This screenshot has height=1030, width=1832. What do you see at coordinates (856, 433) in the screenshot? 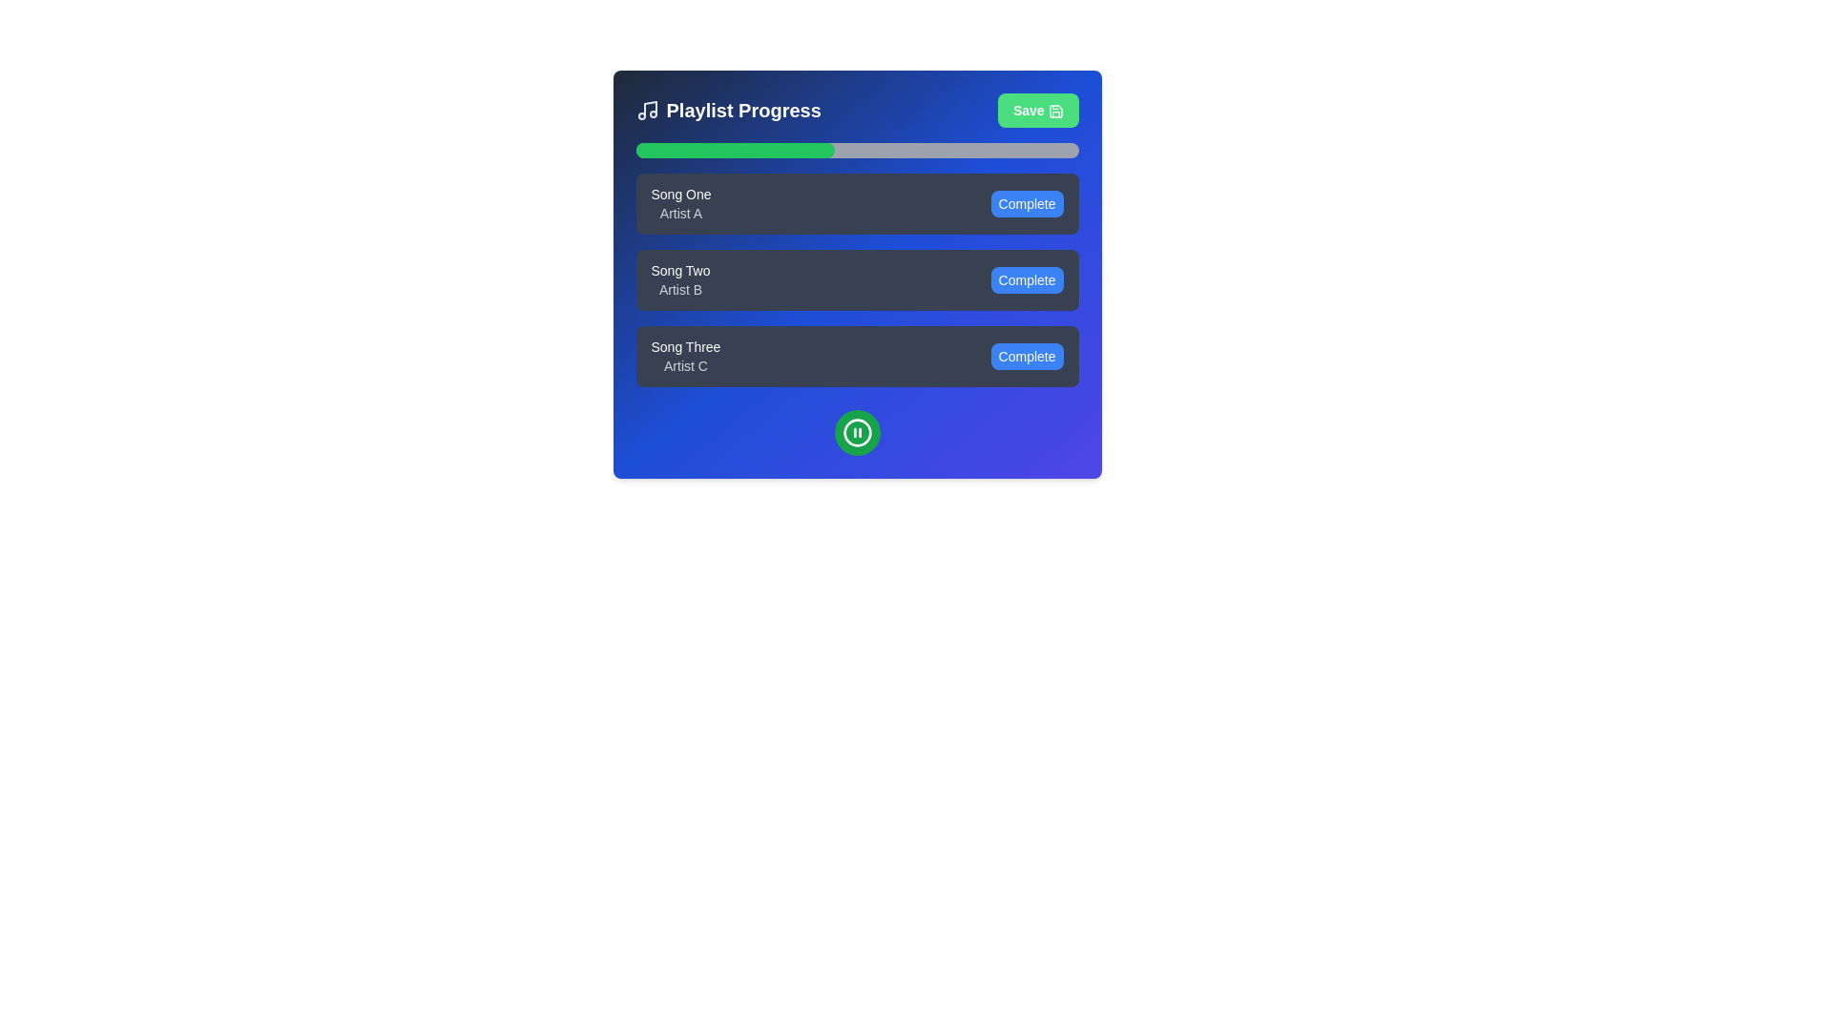
I see `the control button for pausing or stopping a process located at the bottom of the 'Playlist Progress' card` at bounding box center [856, 433].